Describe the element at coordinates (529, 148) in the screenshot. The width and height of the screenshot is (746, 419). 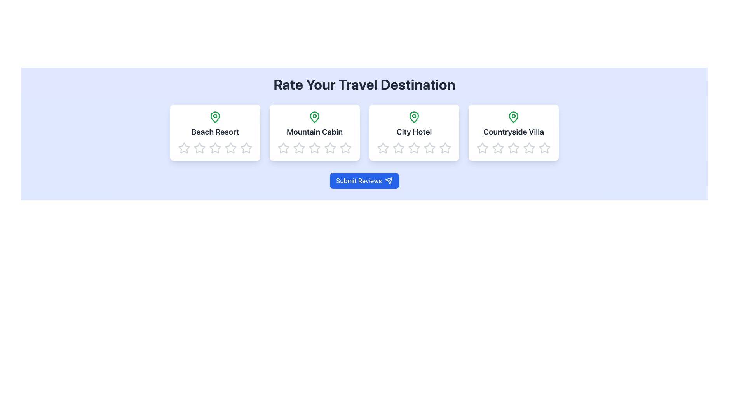
I see `the fourth star in the horizontal group of five stars` at that location.